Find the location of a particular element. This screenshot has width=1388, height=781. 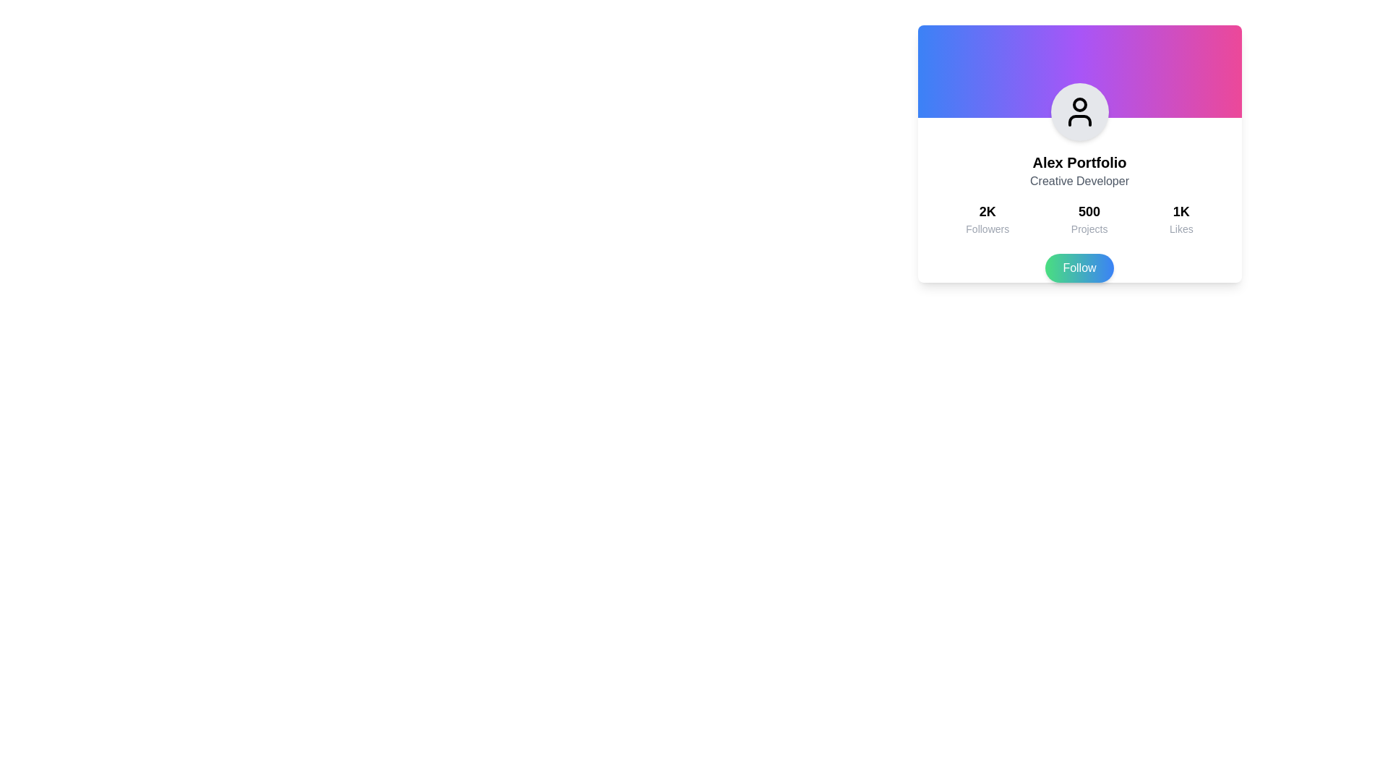

the circular graphical component of the user profile icon, which features a black stroke in the shape of a semicircle beneath the circle, located at the top center of the user information card is located at coordinates (1079, 104).